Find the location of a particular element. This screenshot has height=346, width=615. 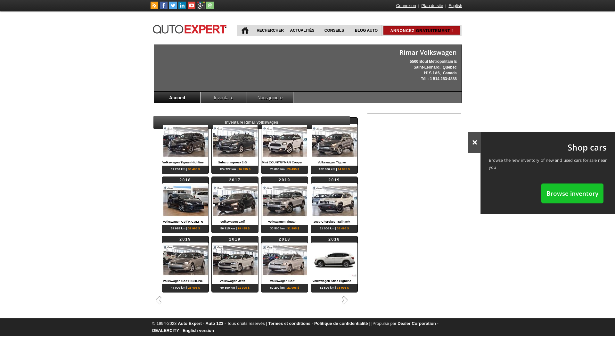

'Termes et conditions' is located at coordinates (289, 323).